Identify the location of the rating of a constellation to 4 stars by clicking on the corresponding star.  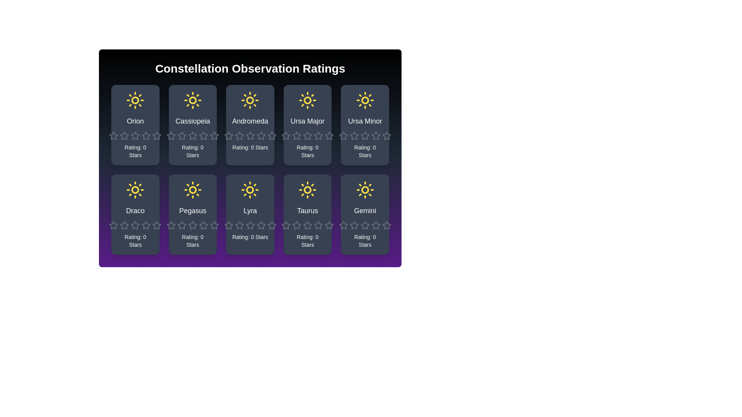
(141, 131).